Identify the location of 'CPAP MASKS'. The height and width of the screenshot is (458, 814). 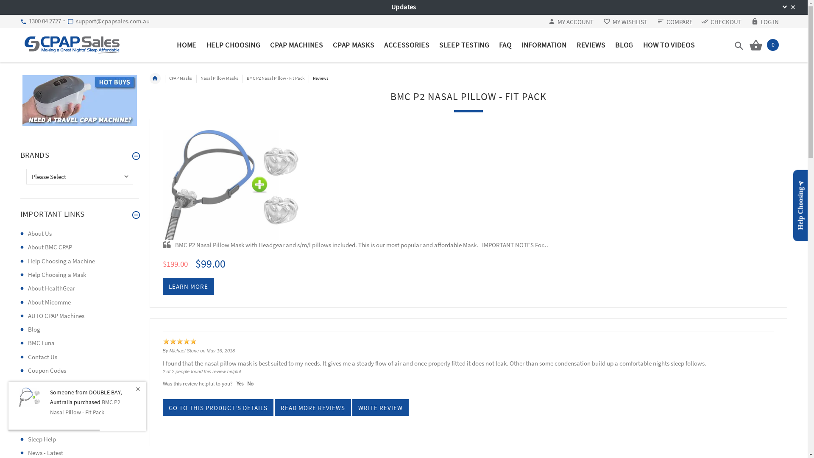
(354, 45).